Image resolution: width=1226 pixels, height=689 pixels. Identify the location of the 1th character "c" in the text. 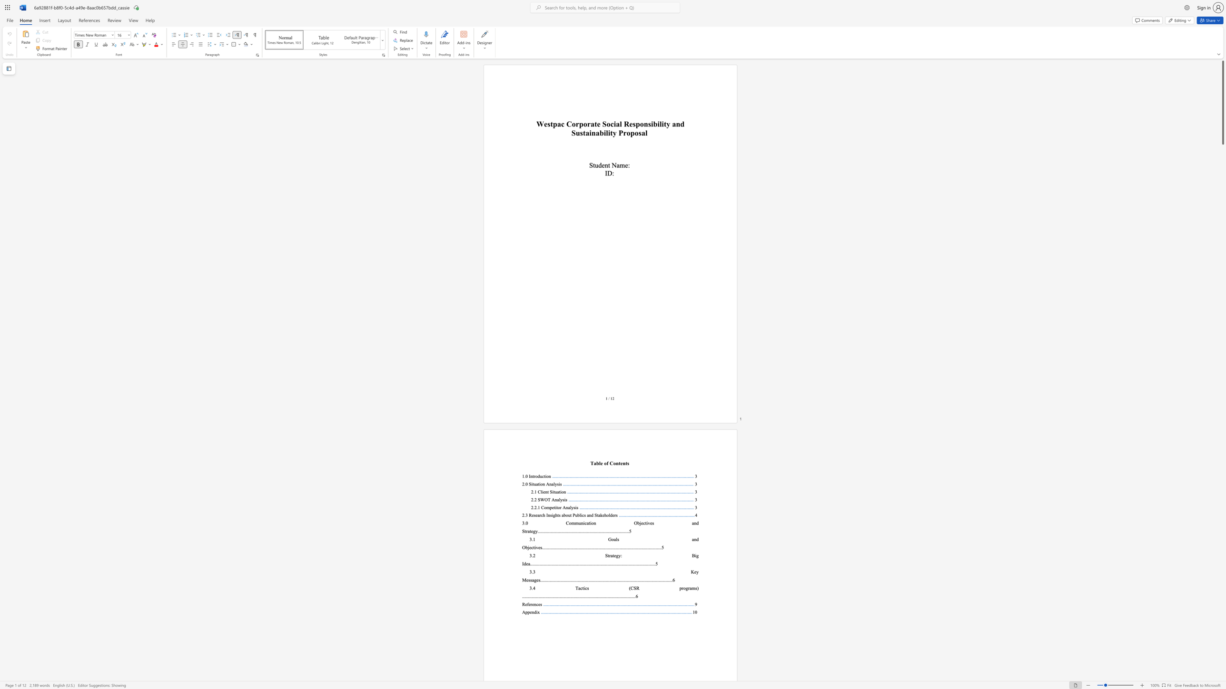
(562, 124).